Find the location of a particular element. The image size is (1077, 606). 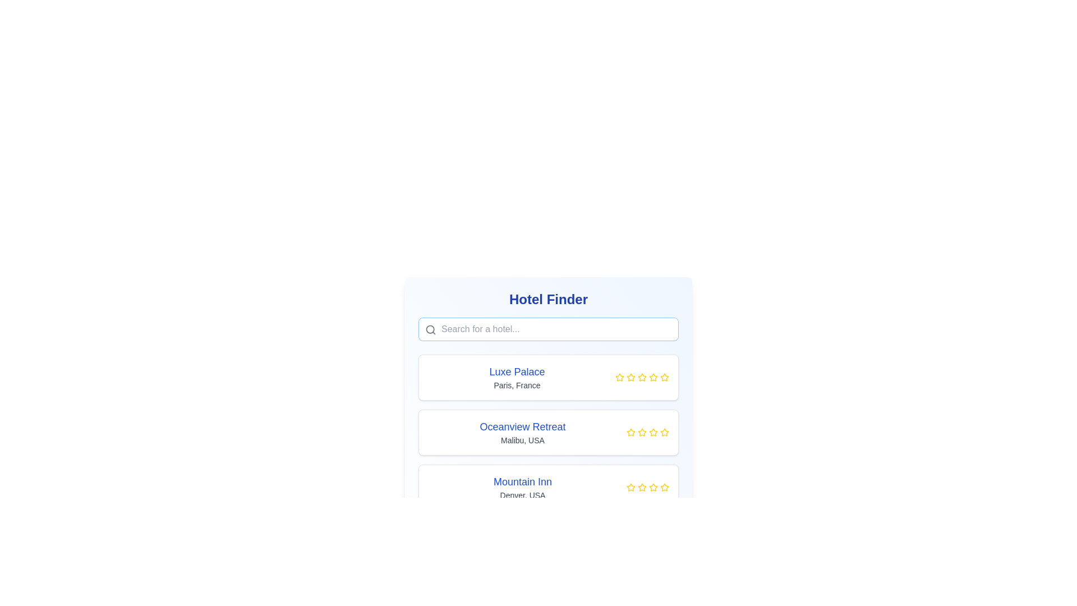

the third star-shaped rating icon with a yellow outline in the Luxe Palace, Paris, France hotel card to rate it as a single star out of five is located at coordinates (630, 377).